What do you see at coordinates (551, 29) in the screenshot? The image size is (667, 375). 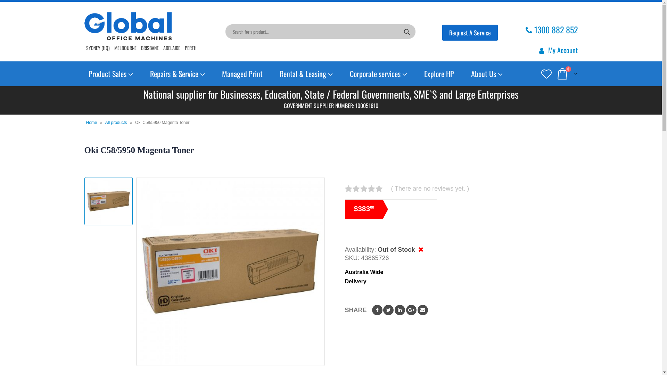 I see `'1300 882 852'` at bounding box center [551, 29].